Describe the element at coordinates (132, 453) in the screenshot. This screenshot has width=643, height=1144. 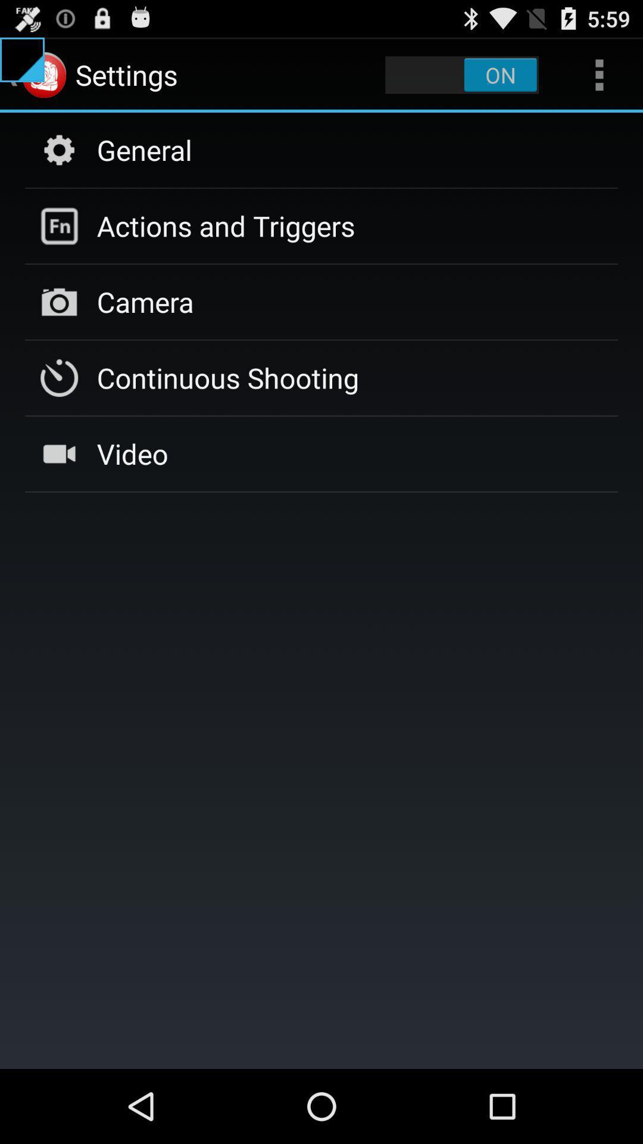
I see `video app` at that location.